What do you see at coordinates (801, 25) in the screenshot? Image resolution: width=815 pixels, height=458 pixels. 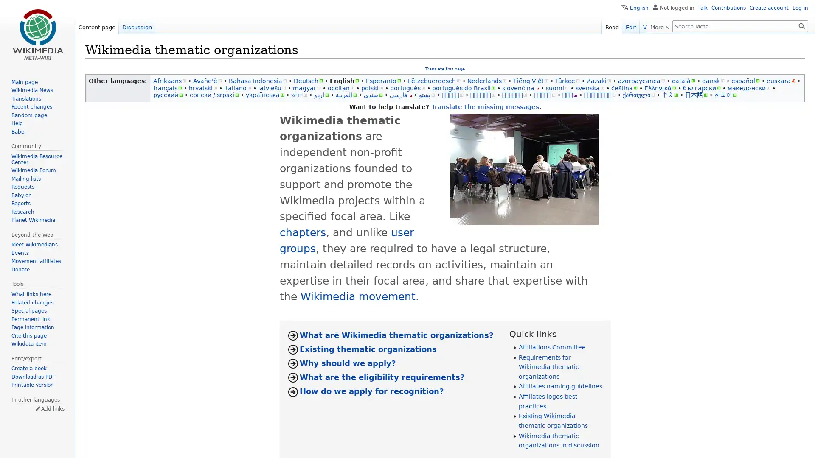 I see `Go` at bounding box center [801, 25].